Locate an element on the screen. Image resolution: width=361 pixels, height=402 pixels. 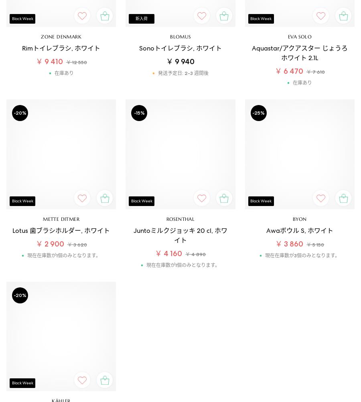
'Rimトイレブラシ, ホワイト' is located at coordinates (61, 48).